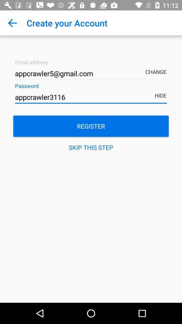 This screenshot has width=182, height=324. Describe the element at coordinates (12, 23) in the screenshot. I see `item above the appcrawler5@gmail.com` at that location.